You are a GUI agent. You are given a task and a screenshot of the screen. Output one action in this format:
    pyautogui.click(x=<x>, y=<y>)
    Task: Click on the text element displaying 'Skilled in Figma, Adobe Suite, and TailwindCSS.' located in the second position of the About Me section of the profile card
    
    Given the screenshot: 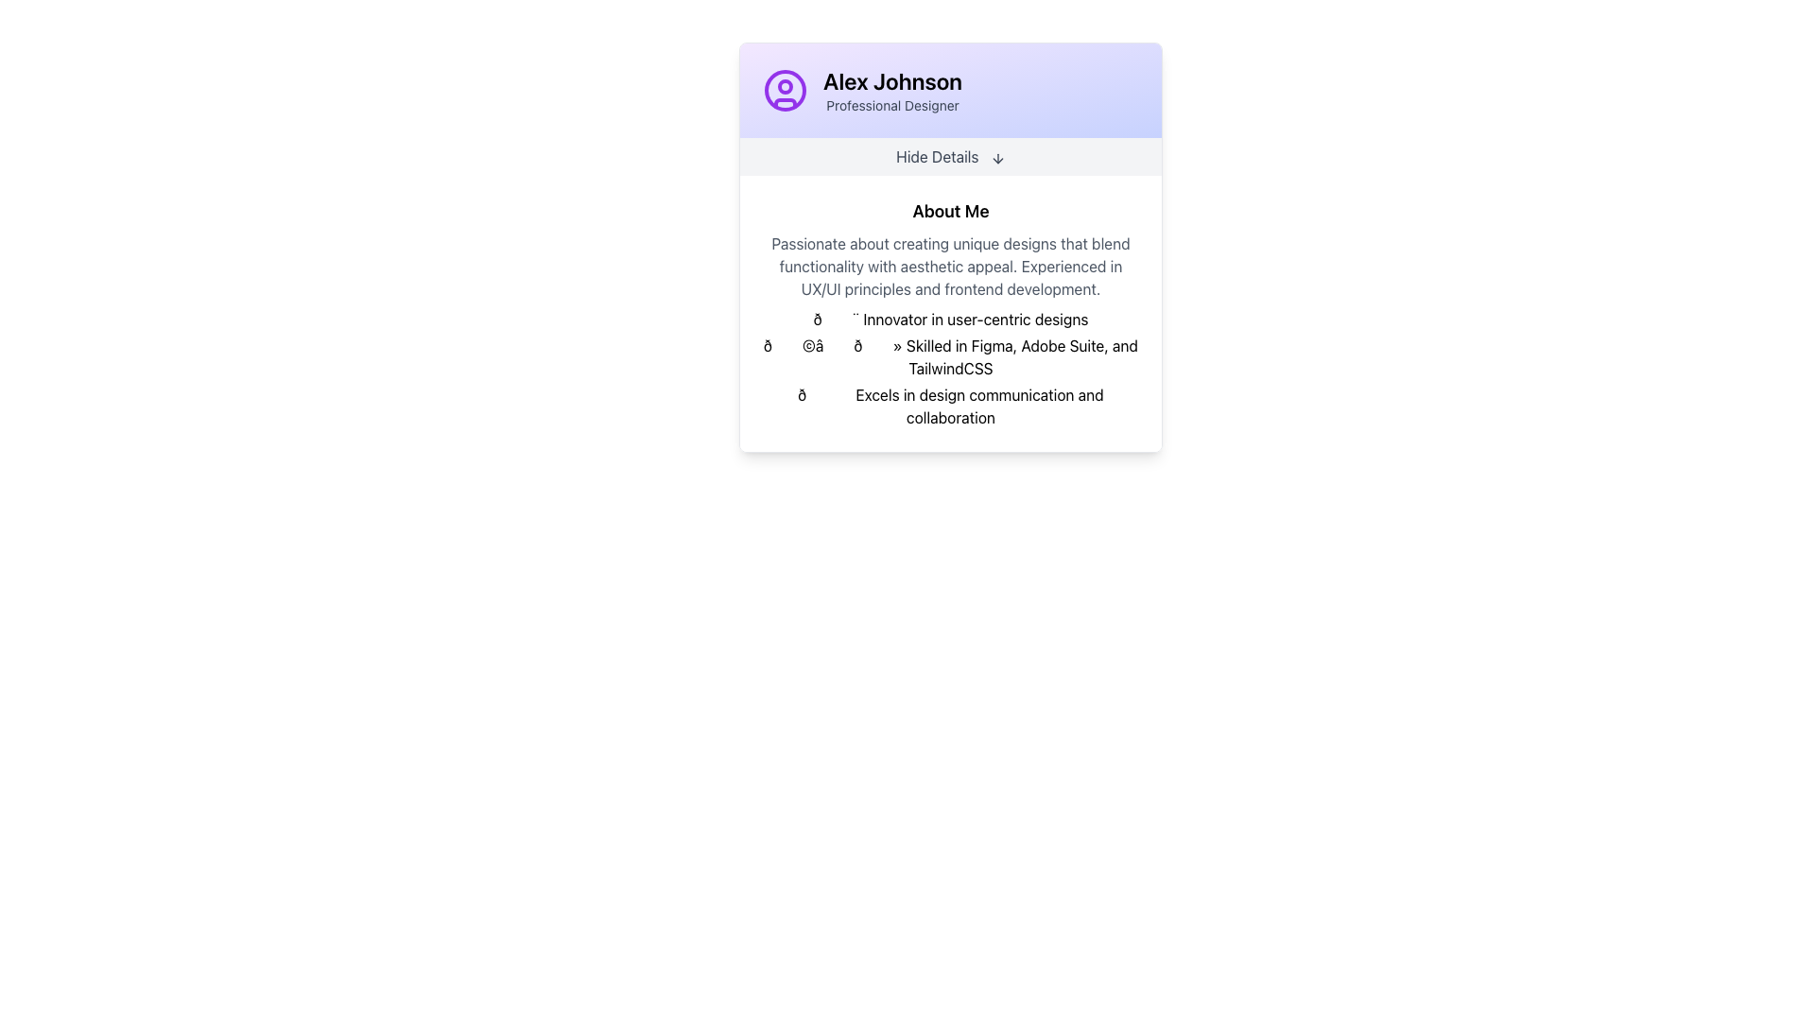 What is the action you would take?
    pyautogui.click(x=951, y=357)
    